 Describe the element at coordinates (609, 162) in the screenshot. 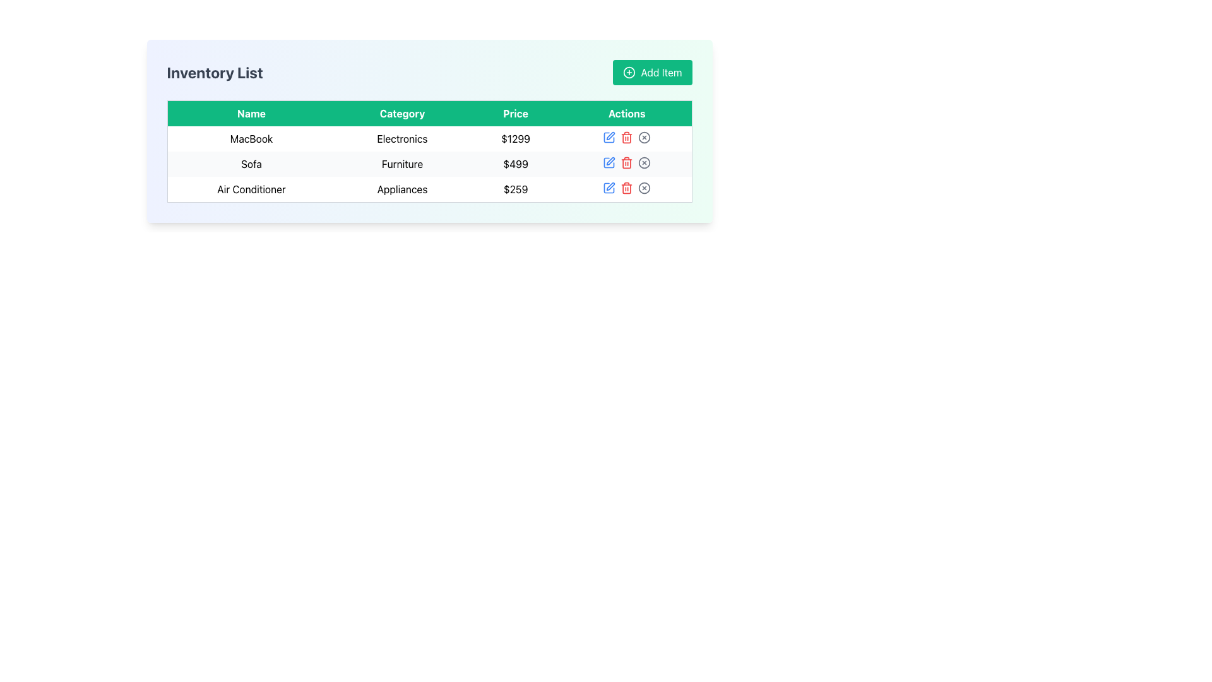

I see `the edit button icon in the 'Actions' column corresponding to the 'Sofa' item` at that location.